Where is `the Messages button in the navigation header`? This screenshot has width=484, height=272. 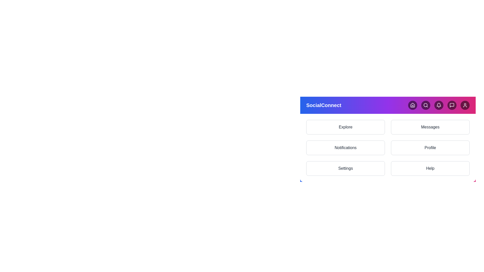
the Messages button in the navigation header is located at coordinates (452, 105).